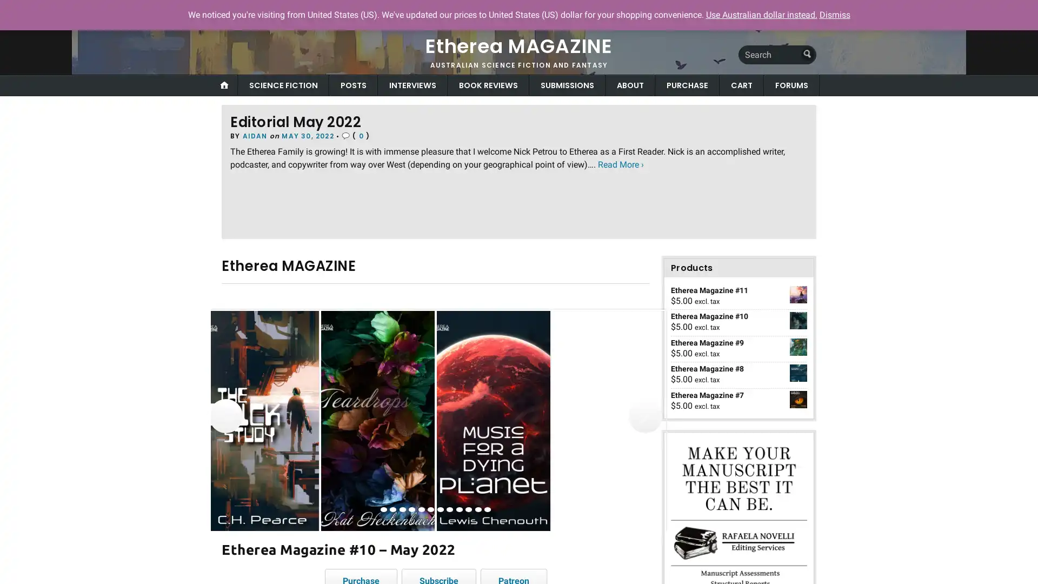  Describe the element at coordinates (477, 509) in the screenshot. I see `view image 11 of 12 in carousel` at that location.